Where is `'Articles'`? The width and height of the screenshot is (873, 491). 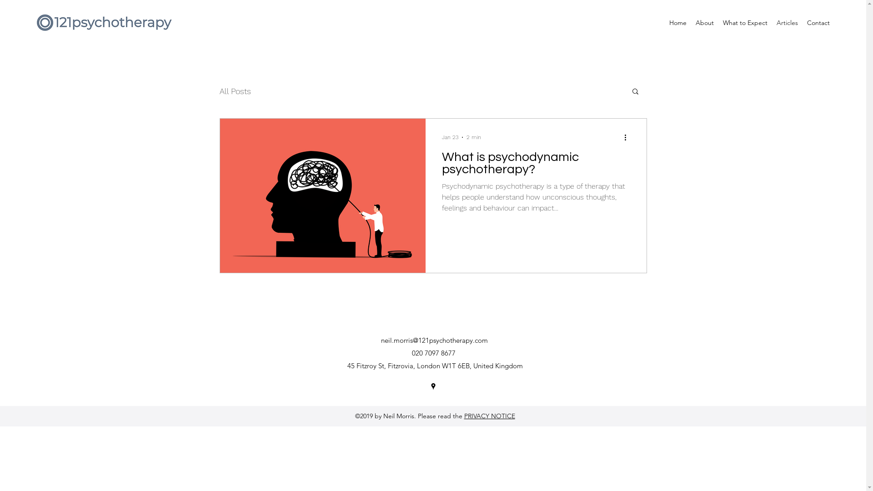 'Articles' is located at coordinates (772, 22).